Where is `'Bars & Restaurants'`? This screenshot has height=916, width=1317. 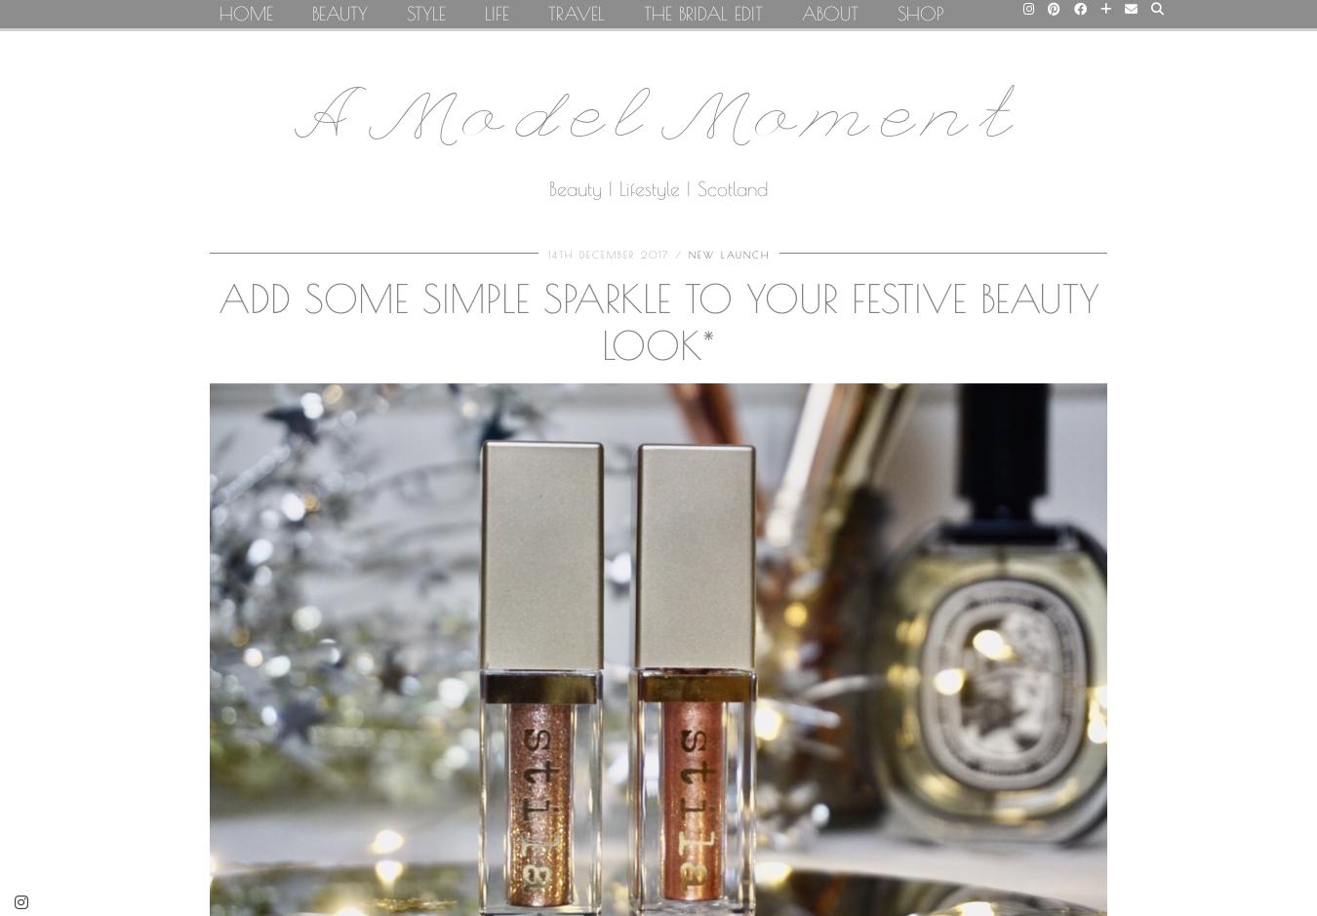
'Bars & Restaurants' is located at coordinates (547, 180).